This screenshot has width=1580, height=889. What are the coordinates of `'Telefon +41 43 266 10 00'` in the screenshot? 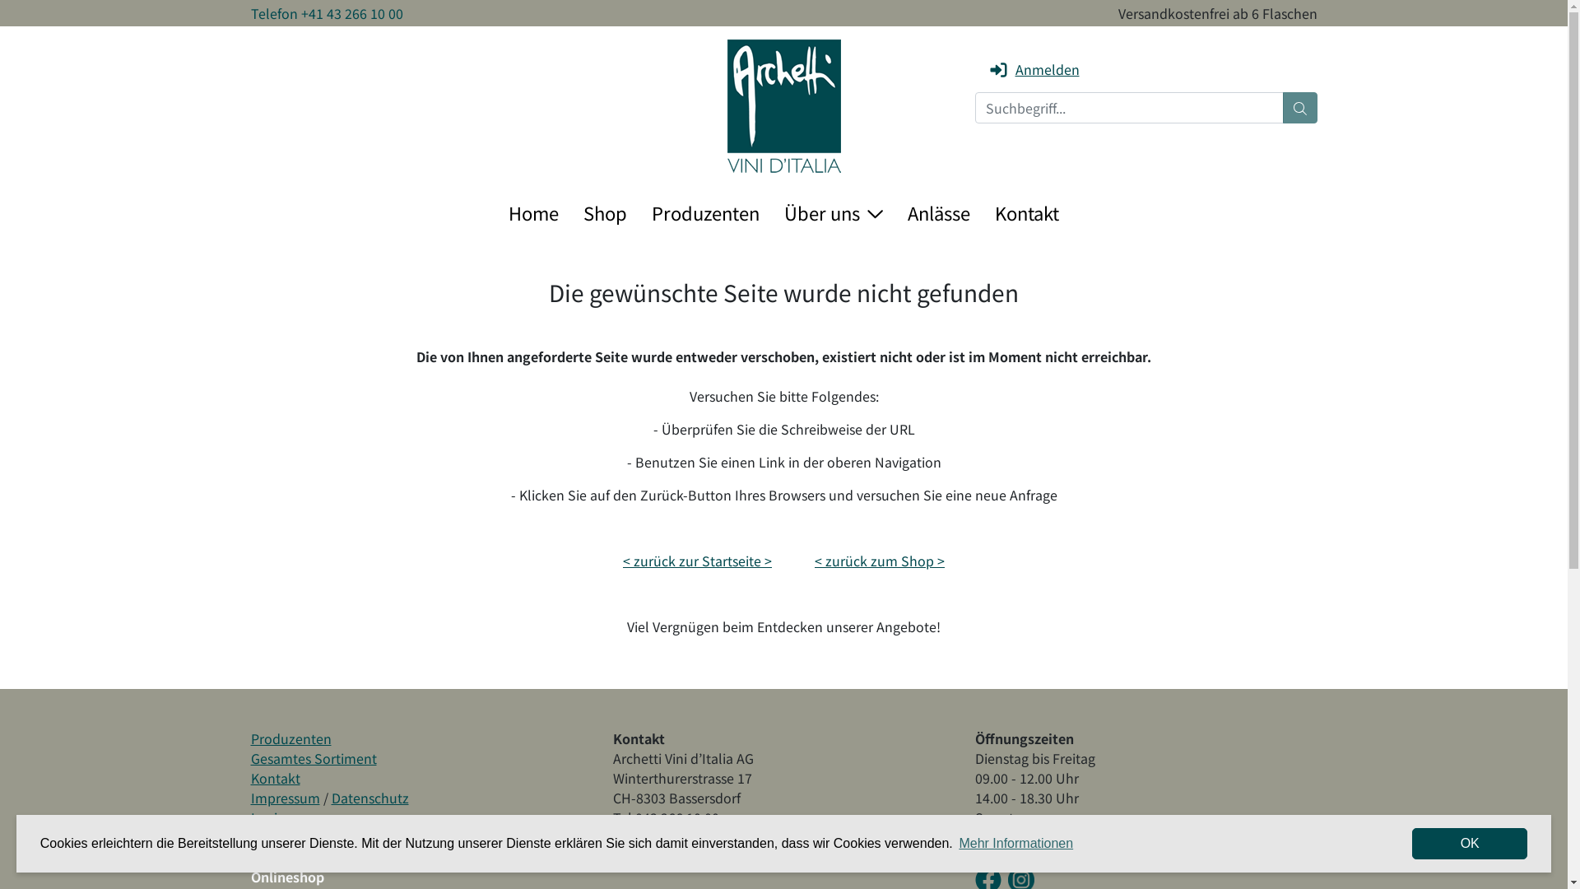 It's located at (326, 12).